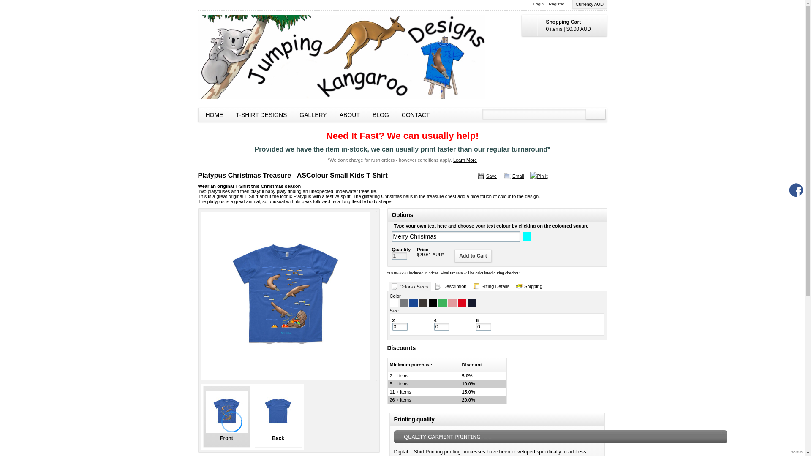 Image resolution: width=811 pixels, height=456 pixels. Describe the element at coordinates (432, 302) in the screenshot. I see `'Black'` at that location.